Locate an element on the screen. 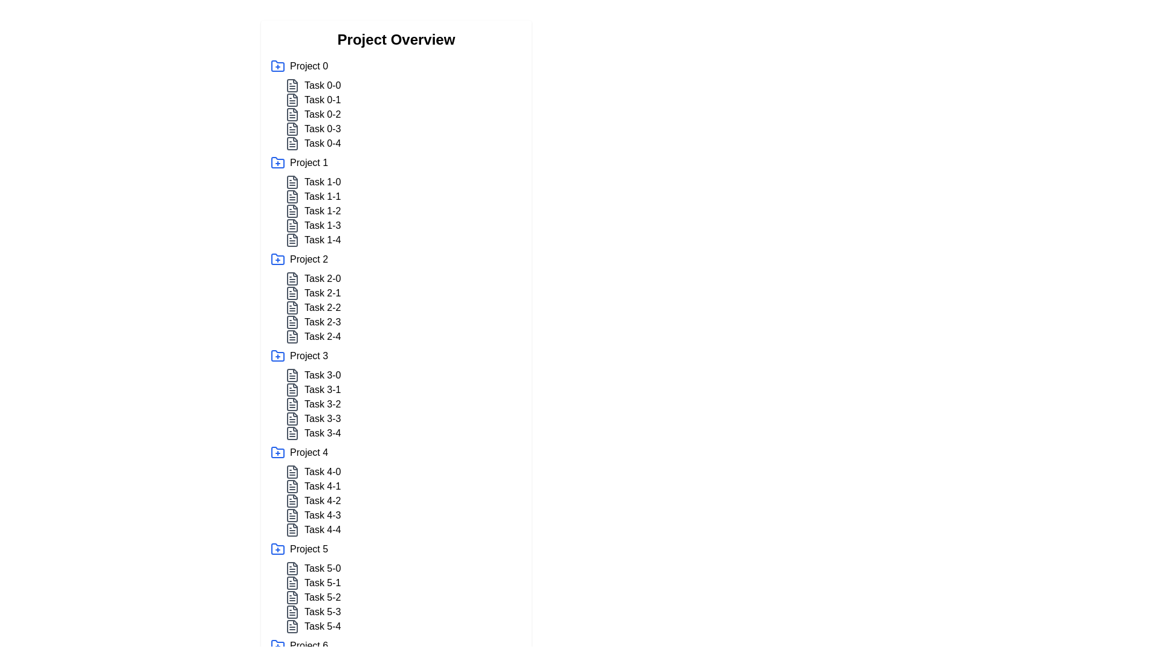 This screenshot has height=652, width=1160. the text label representing the third task in the 'Project 1' subsection of the project list is located at coordinates (323, 211).